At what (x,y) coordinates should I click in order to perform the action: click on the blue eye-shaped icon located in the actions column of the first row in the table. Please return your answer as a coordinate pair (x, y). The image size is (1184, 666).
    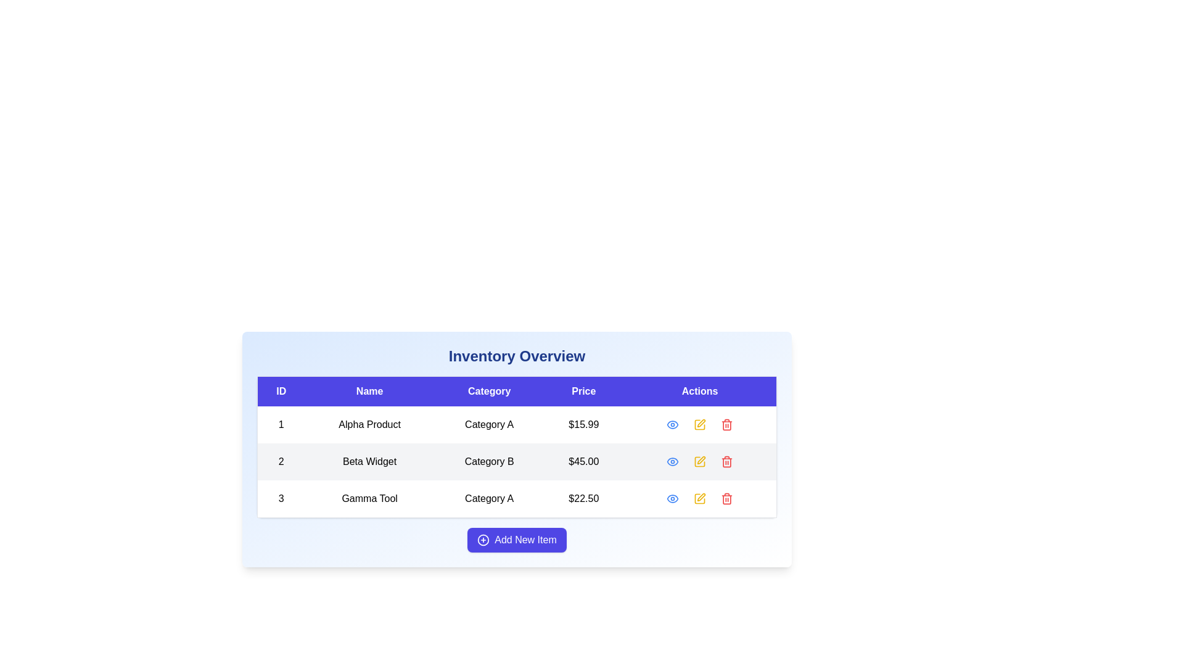
    Looking at the image, I should click on (672, 424).